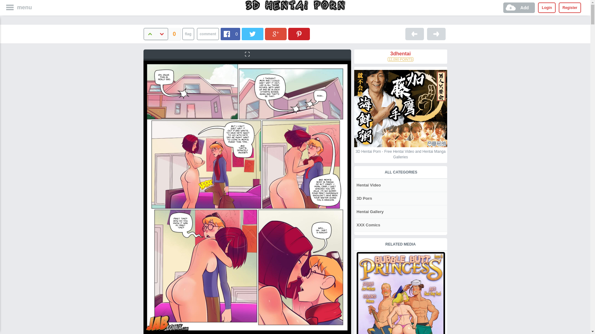 Image resolution: width=595 pixels, height=334 pixels. What do you see at coordinates (143, 34) in the screenshot?
I see `'+'` at bounding box center [143, 34].